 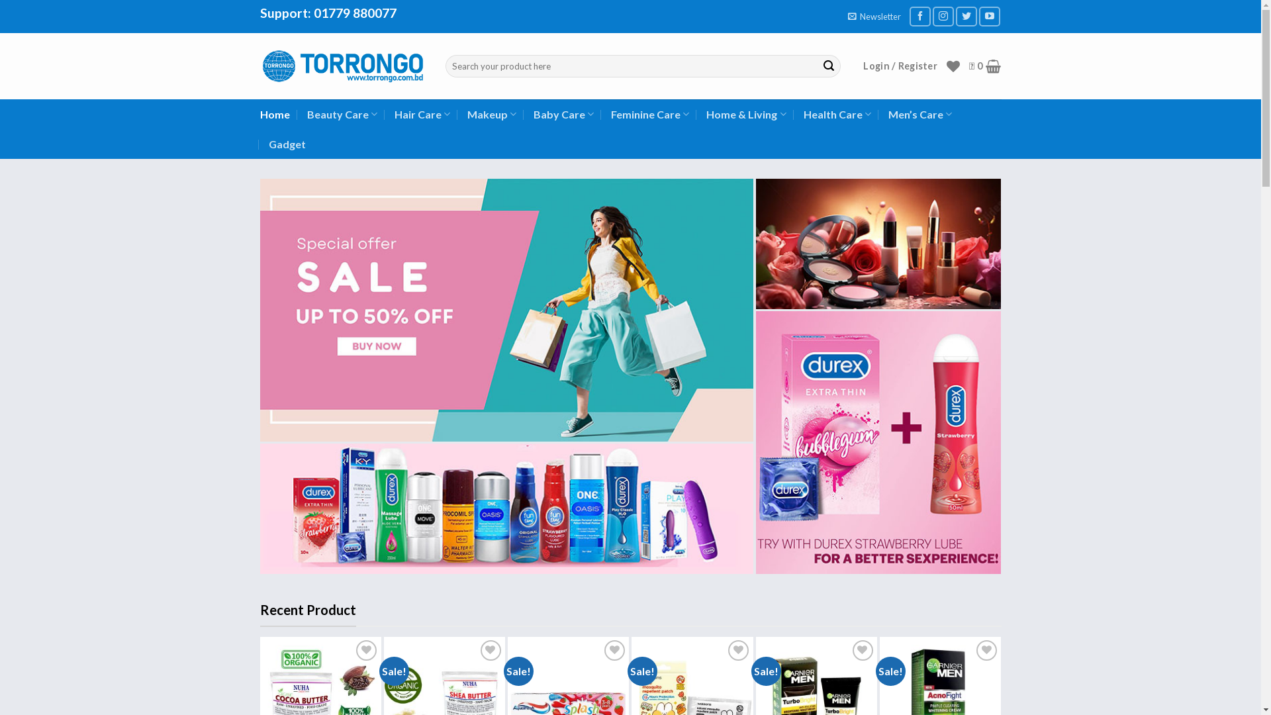 What do you see at coordinates (919, 16) in the screenshot?
I see `'Follow on Facebook'` at bounding box center [919, 16].